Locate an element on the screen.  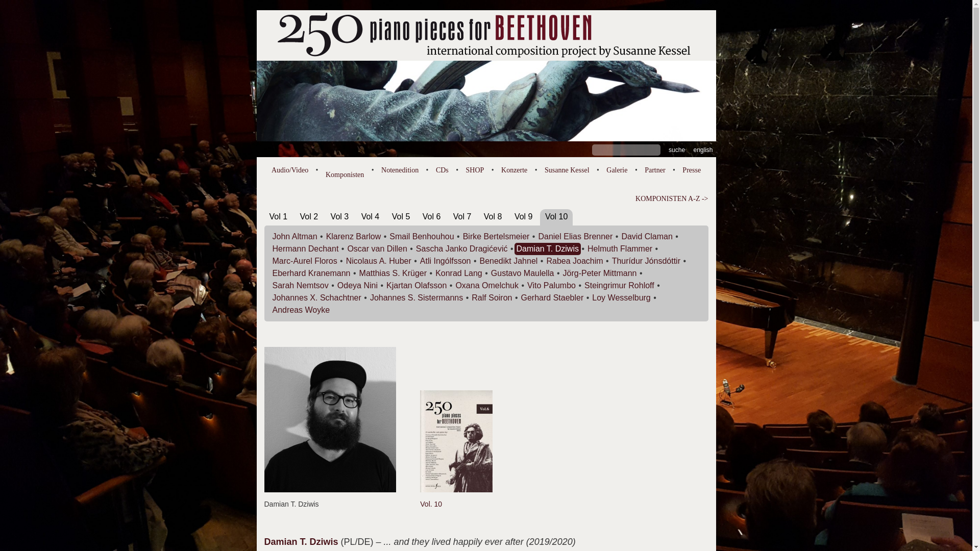
'SHOP' is located at coordinates (475, 169).